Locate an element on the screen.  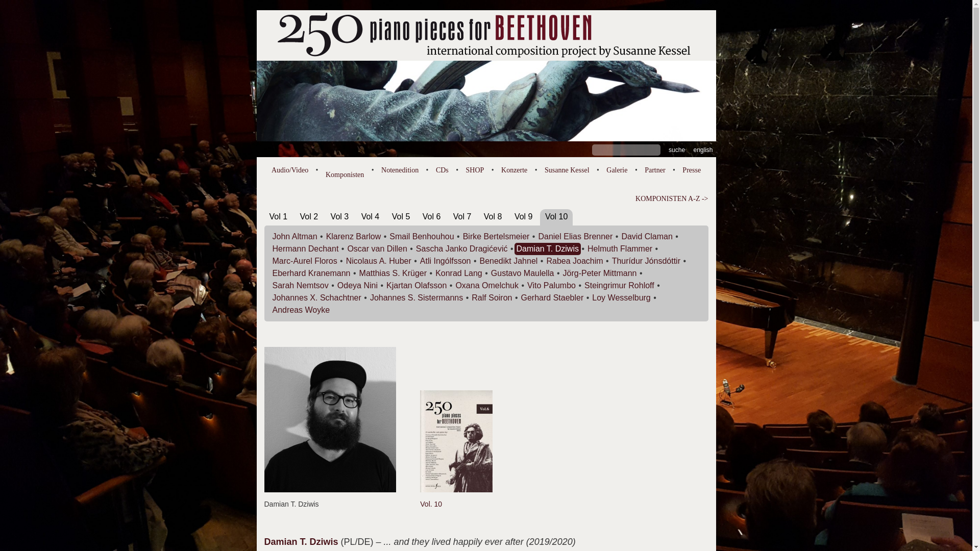
'SHOP' is located at coordinates (475, 169).